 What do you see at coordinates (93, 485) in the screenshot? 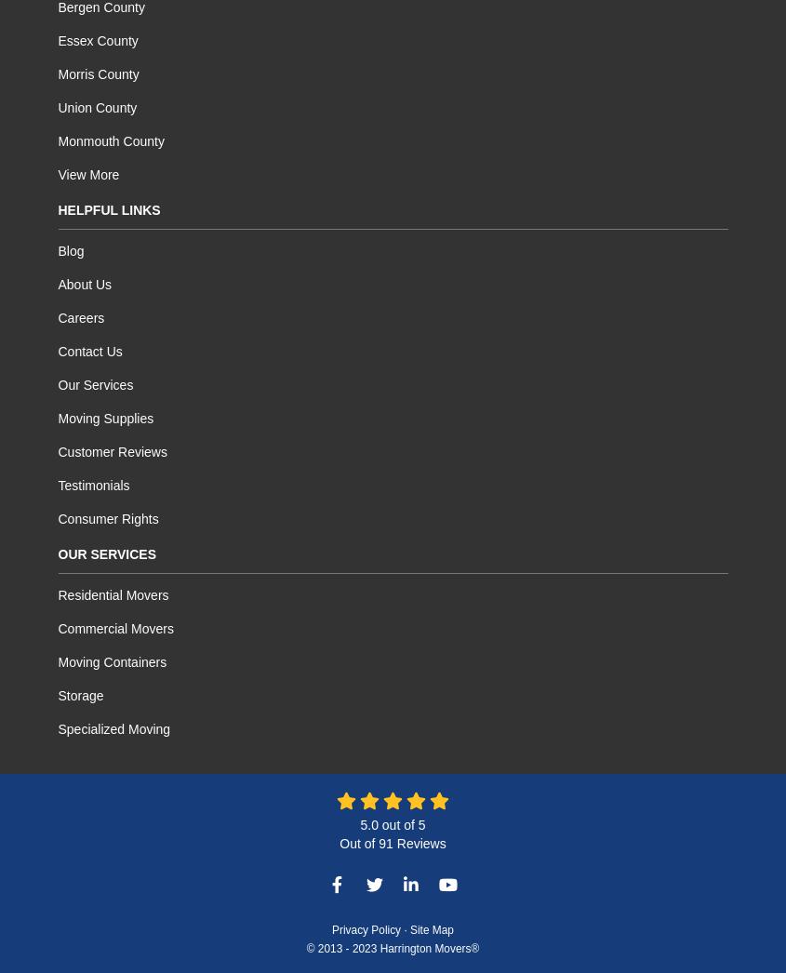
I see `'Testimonials'` at bounding box center [93, 485].